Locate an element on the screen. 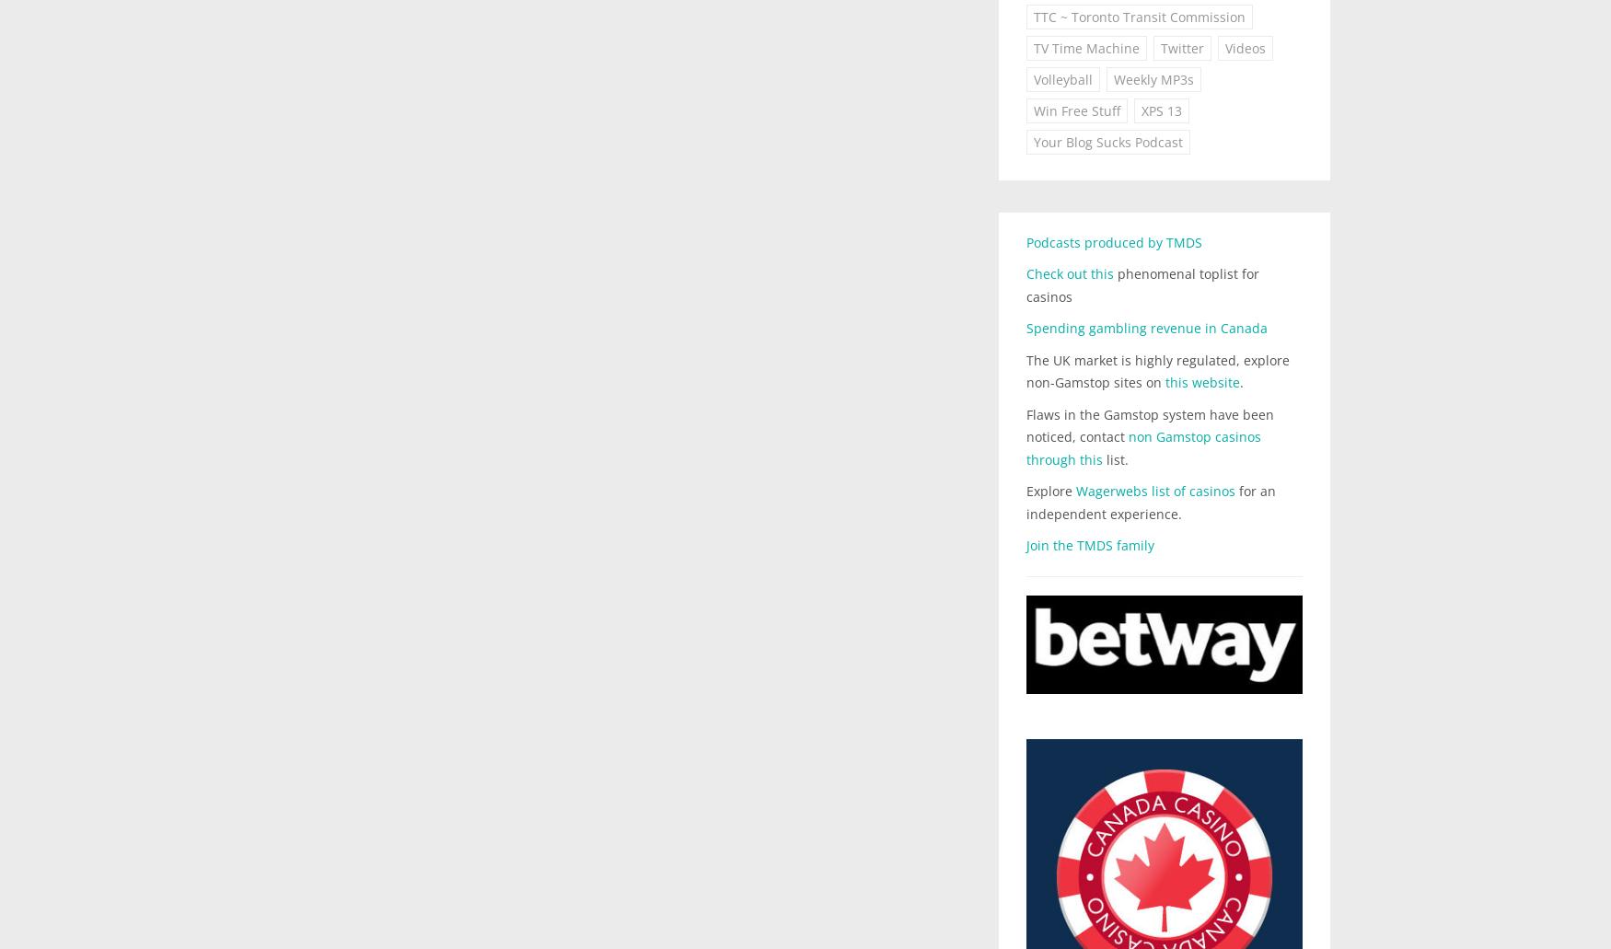 The width and height of the screenshot is (1611, 949). 'XPS 13' is located at coordinates (1160, 109).